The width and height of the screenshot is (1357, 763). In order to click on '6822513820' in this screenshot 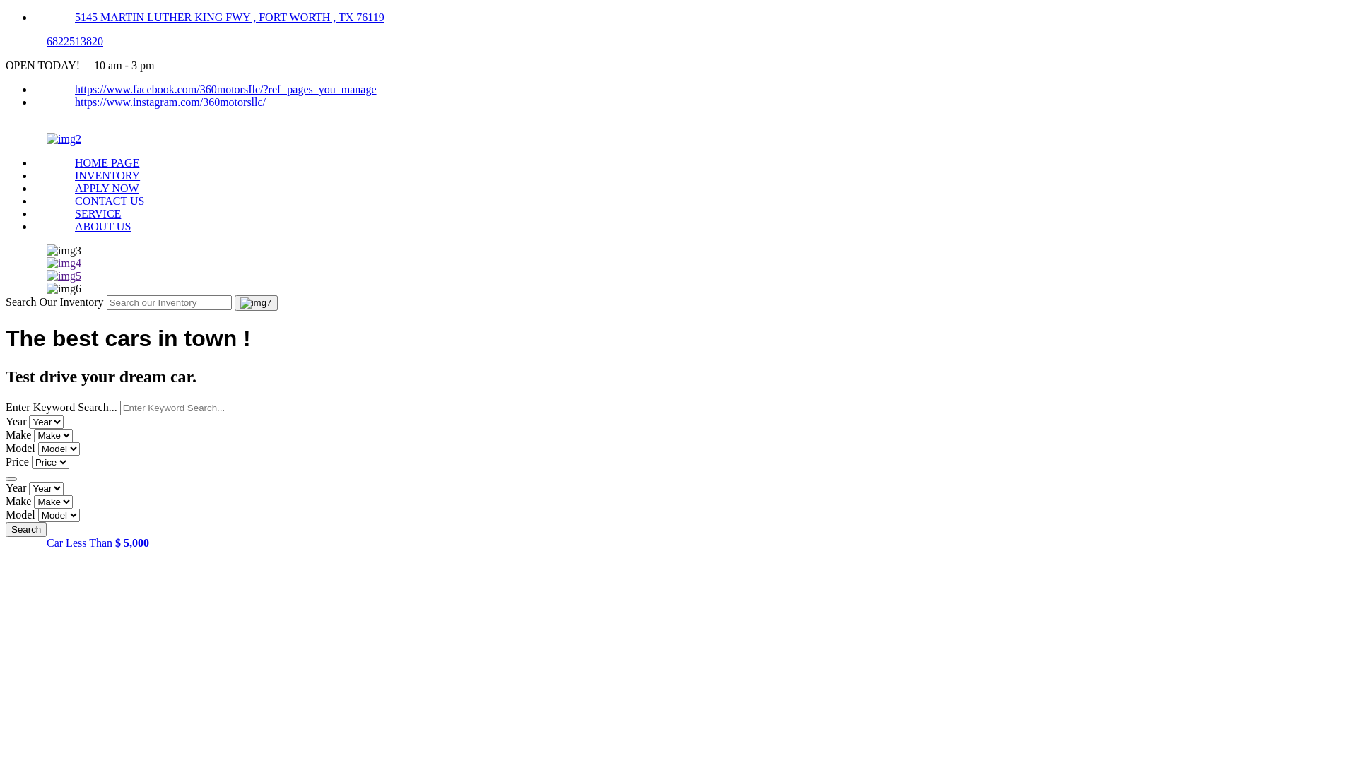, I will do `click(74, 40)`.